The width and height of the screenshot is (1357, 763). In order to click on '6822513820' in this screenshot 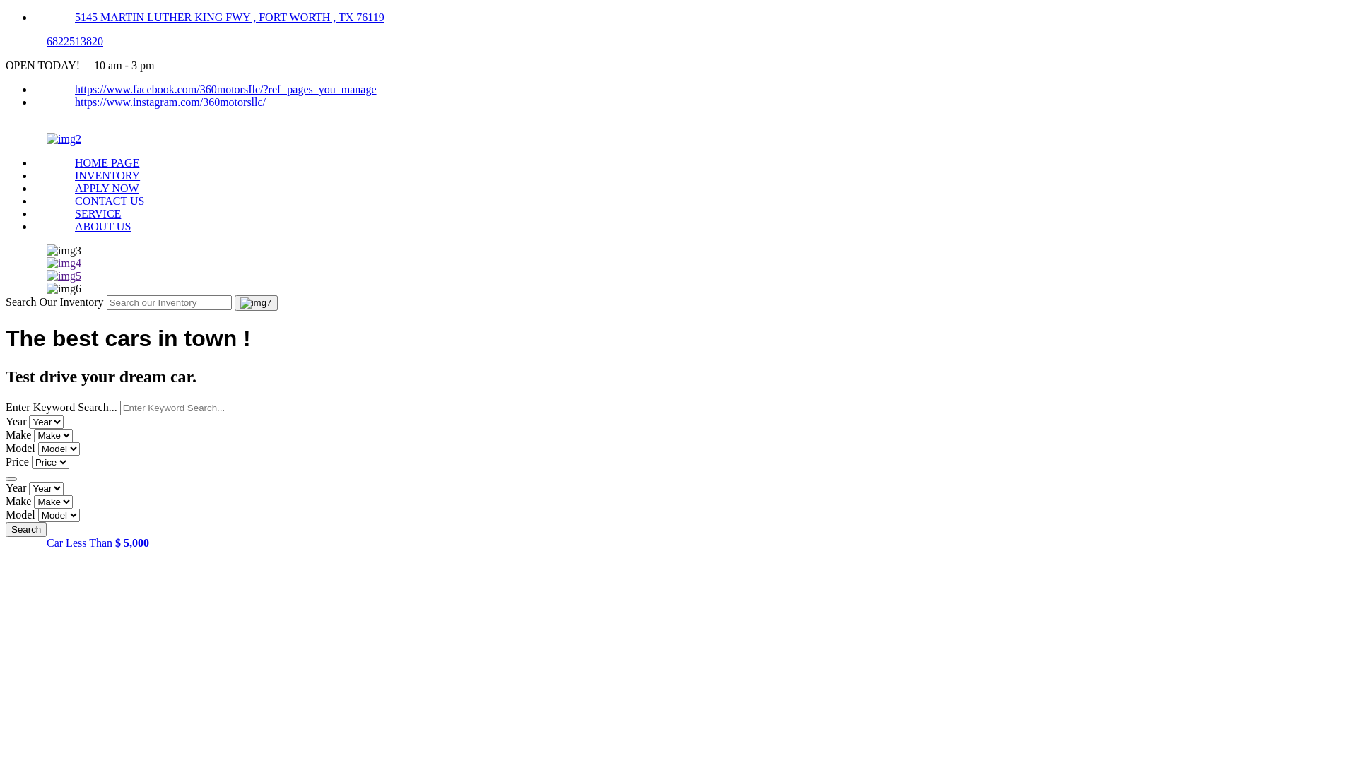, I will do `click(74, 40)`.